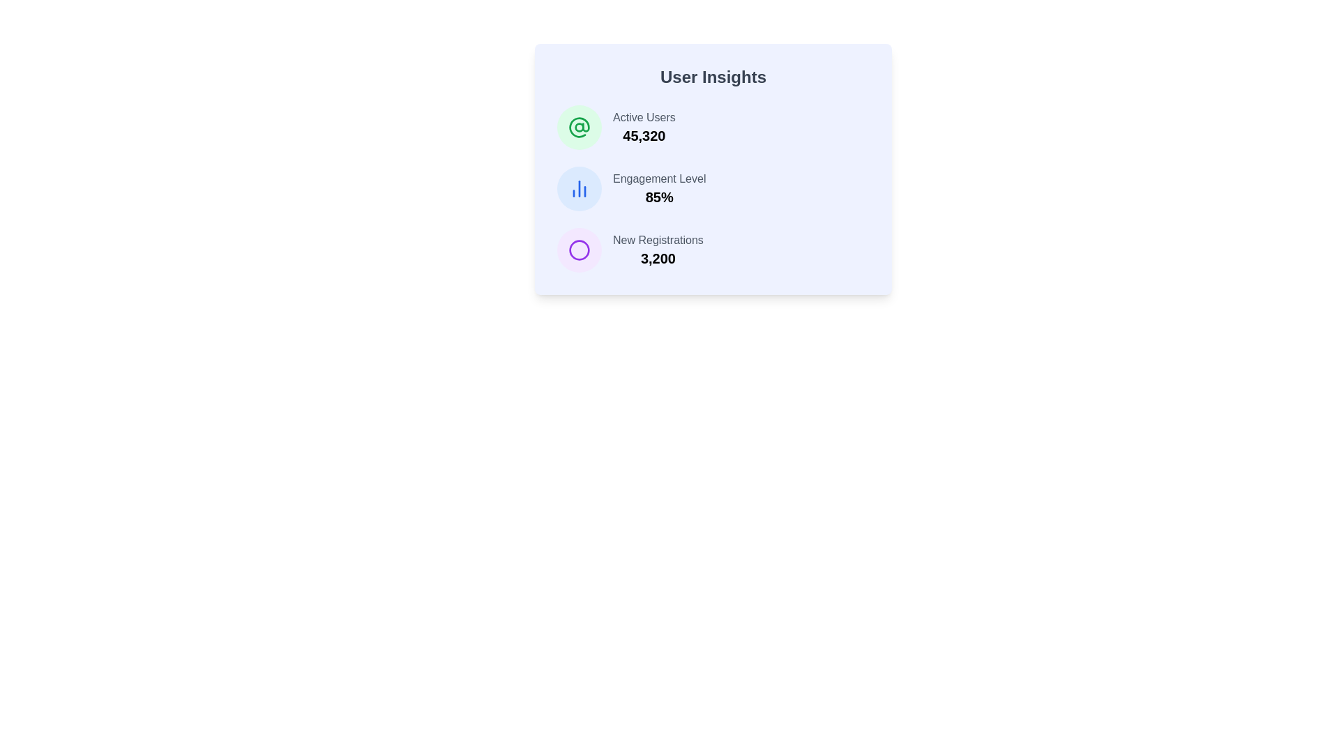 The image size is (1339, 753). Describe the element at coordinates (643, 127) in the screenshot. I see `the text display that shows the count of active users, located at the top-left corner of the card labeled 'User Insights'` at that location.